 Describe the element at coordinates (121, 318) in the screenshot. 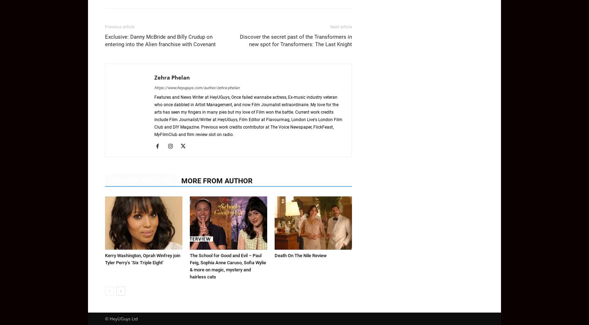

I see `'© HeyUGuys Ltd'` at that location.